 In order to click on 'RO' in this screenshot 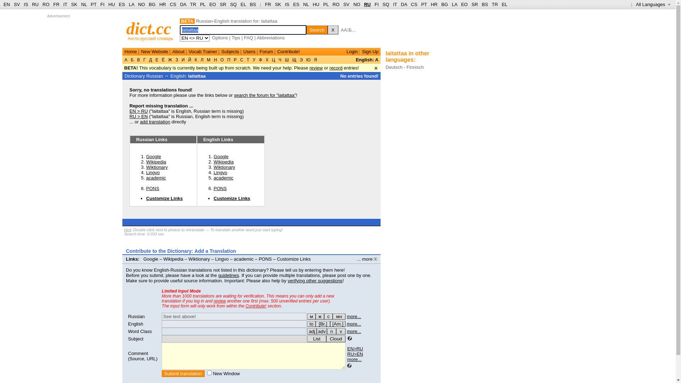, I will do `click(45, 4)`.